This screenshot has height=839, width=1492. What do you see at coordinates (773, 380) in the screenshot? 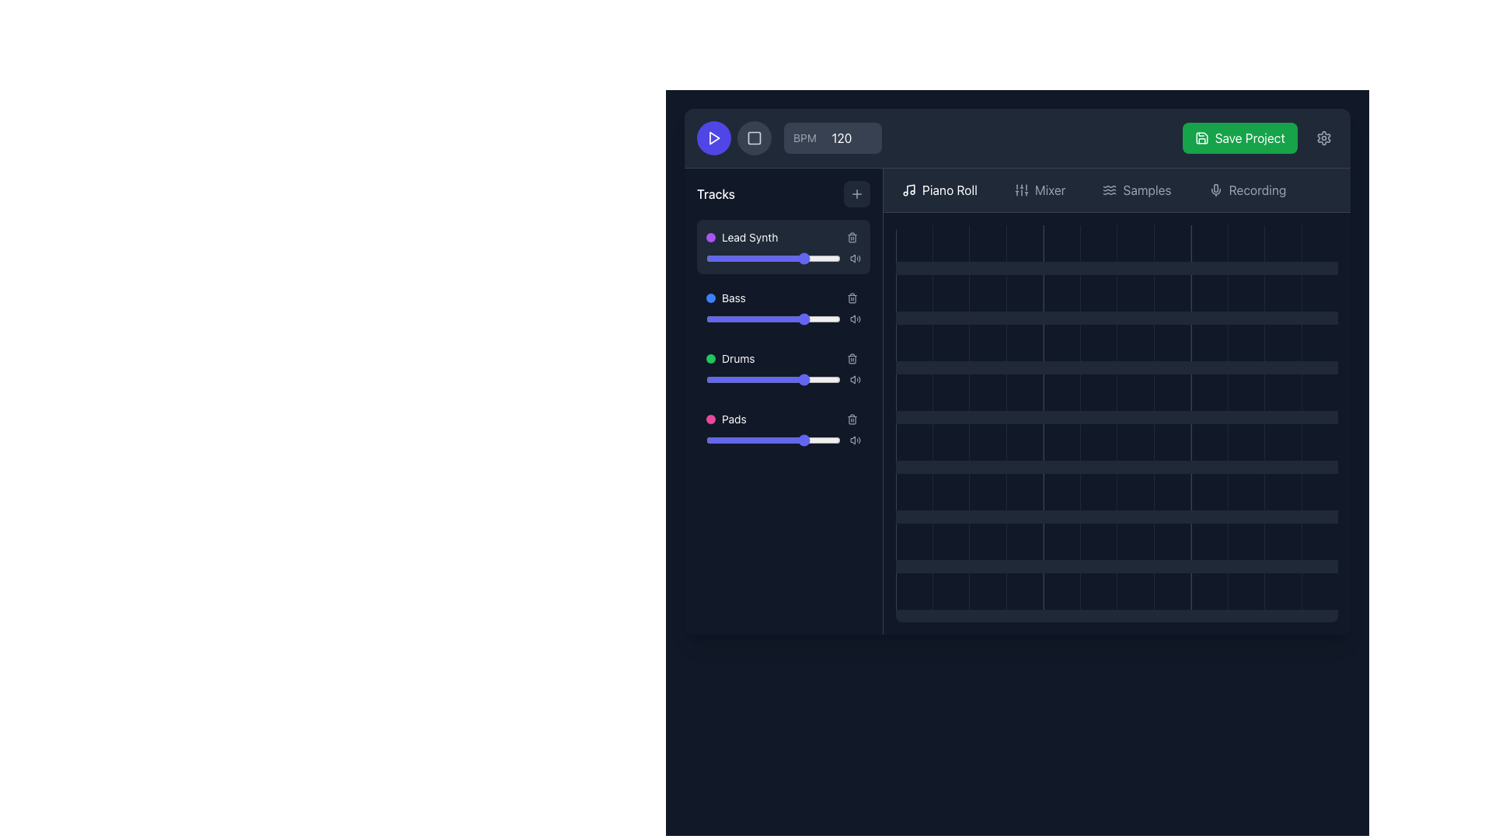
I see `the slider` at bounding box center [773, 380].